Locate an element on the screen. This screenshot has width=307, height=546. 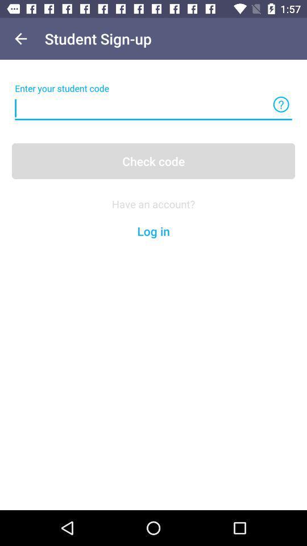
more inversmetion is located at coordinates (280, 104).